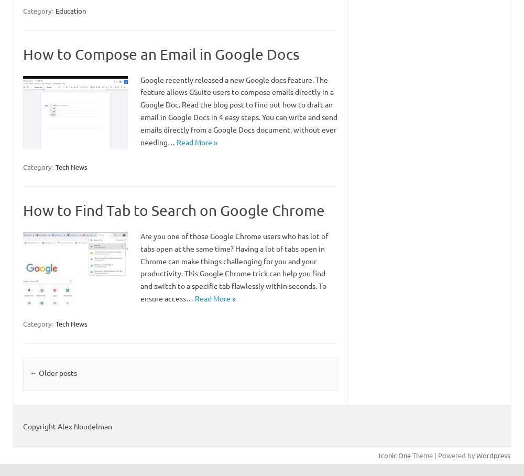  What do you see at coordinates (443, 454) in the screenshot?
I see `'Theme | Powered by'` at bounding box center [443, 454].